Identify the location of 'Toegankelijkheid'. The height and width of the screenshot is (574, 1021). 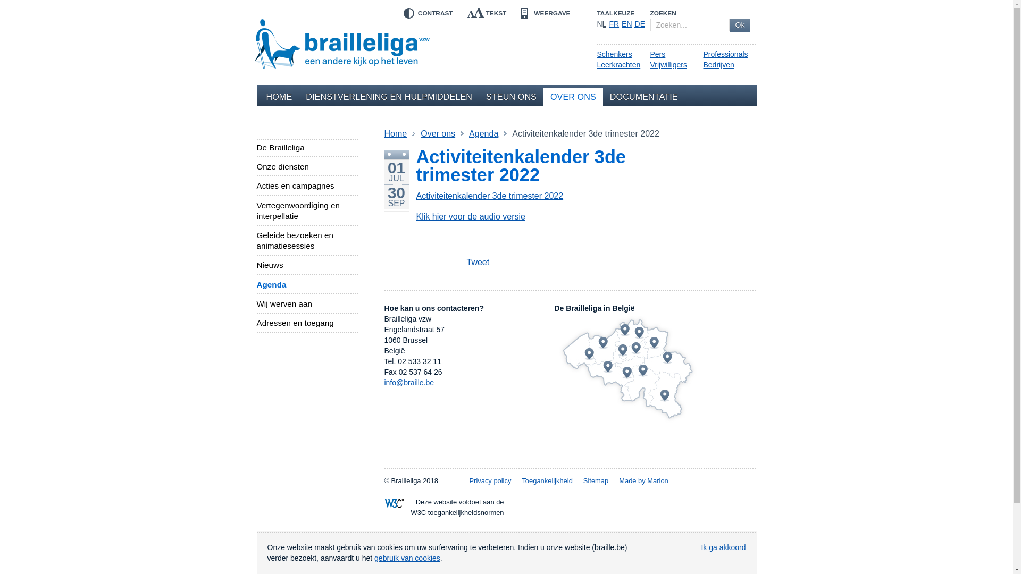
(547, 480).